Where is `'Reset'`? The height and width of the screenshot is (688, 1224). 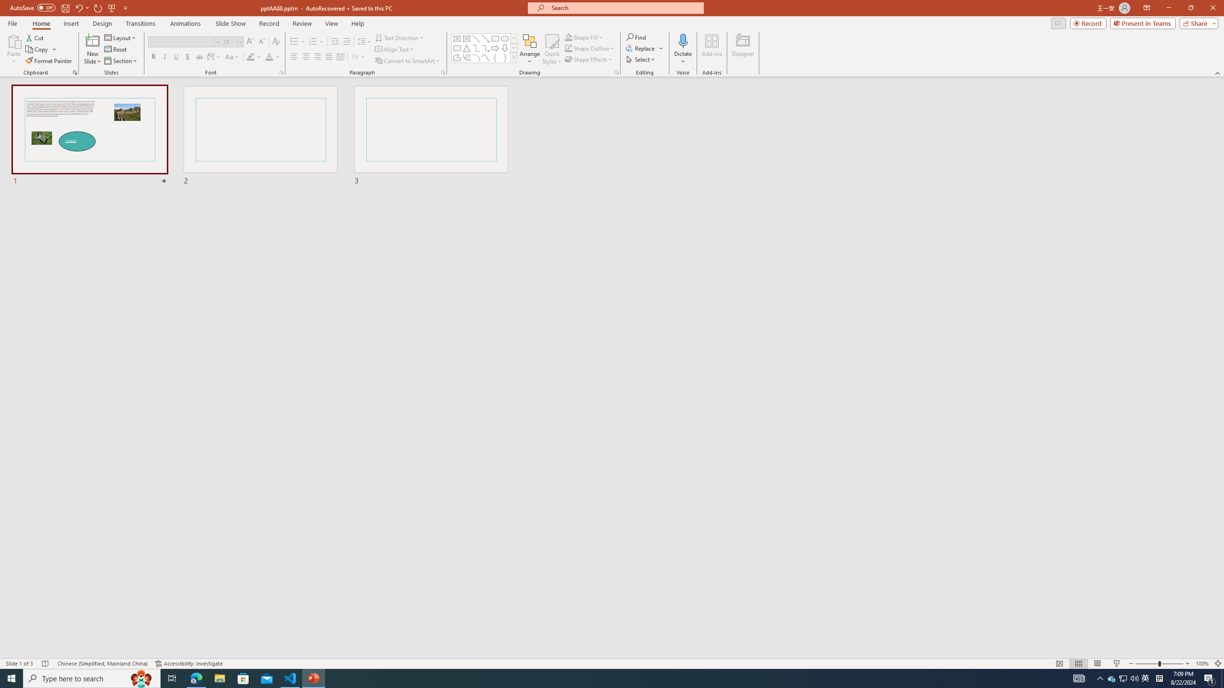 'Reset' is located at coordinates (116, 49).